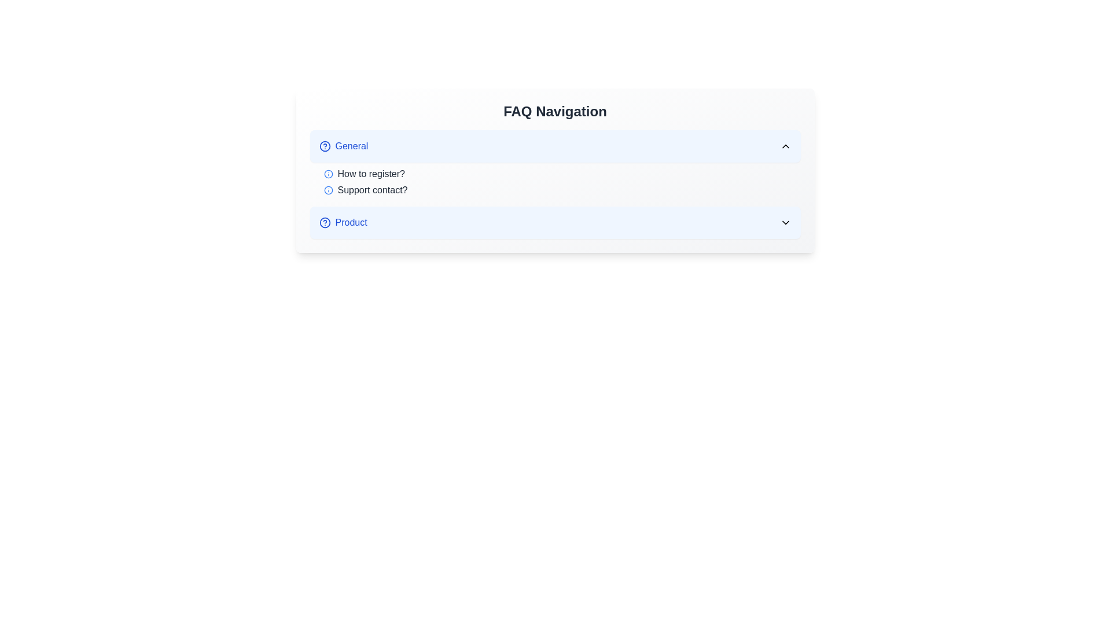 The image size is (1111, 625). I want to click on the hyperlink located in the middle section of the FAQ navigation interface, directly below the 'General' section header, so click(371, 174).